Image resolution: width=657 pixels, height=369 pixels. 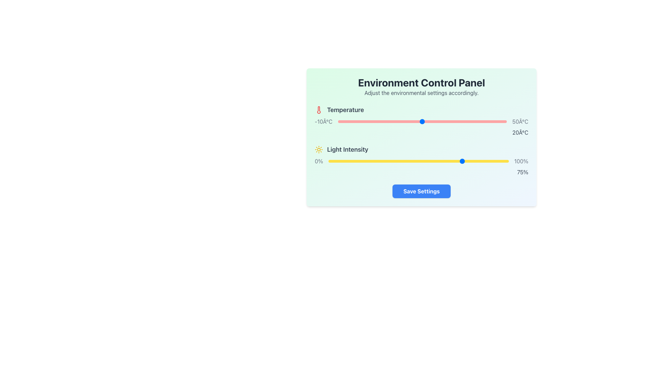 What do you see at coordinates (421, 161) in the screenshot?
I see `the handle of the horizontal slider labeled 'Light Intensity', which has a yellow track and ranges from '0%'` at bounding box center [421, 161].